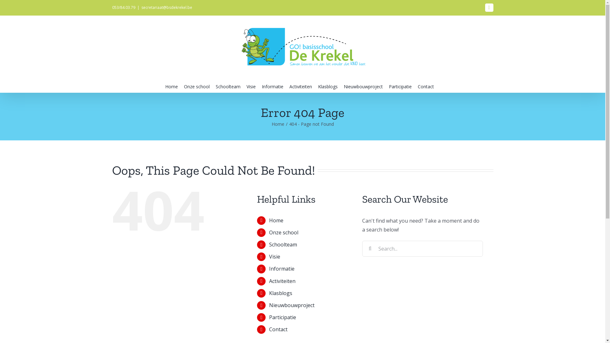 The width and height of the screenshot is (610, 343). What do you see at coordinates (485, 7) in the screenshot?
I see `'Facebook'` at bounding box center [485, 7].